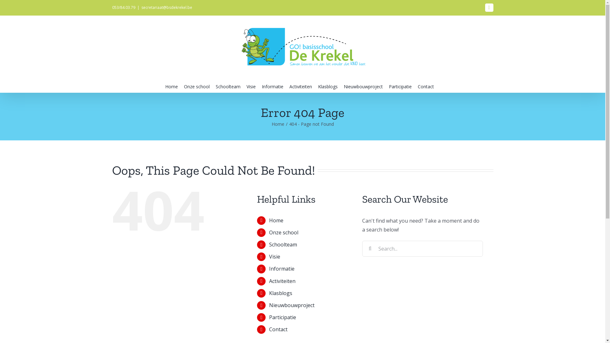 The width and height of the screenshot is (610, 343). What do you see at coordinates (485, 7) in the screenshot?
I see `'Facebook'` at bounding box center [485, 7].